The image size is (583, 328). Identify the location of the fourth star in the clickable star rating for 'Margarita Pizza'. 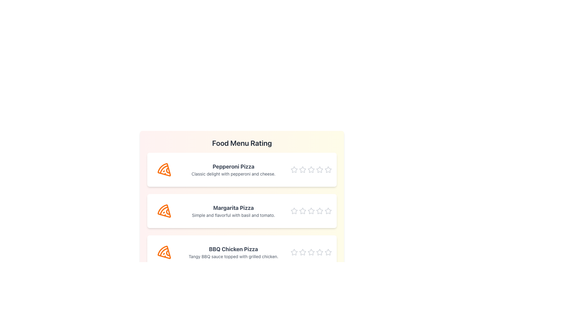
(328, 210).